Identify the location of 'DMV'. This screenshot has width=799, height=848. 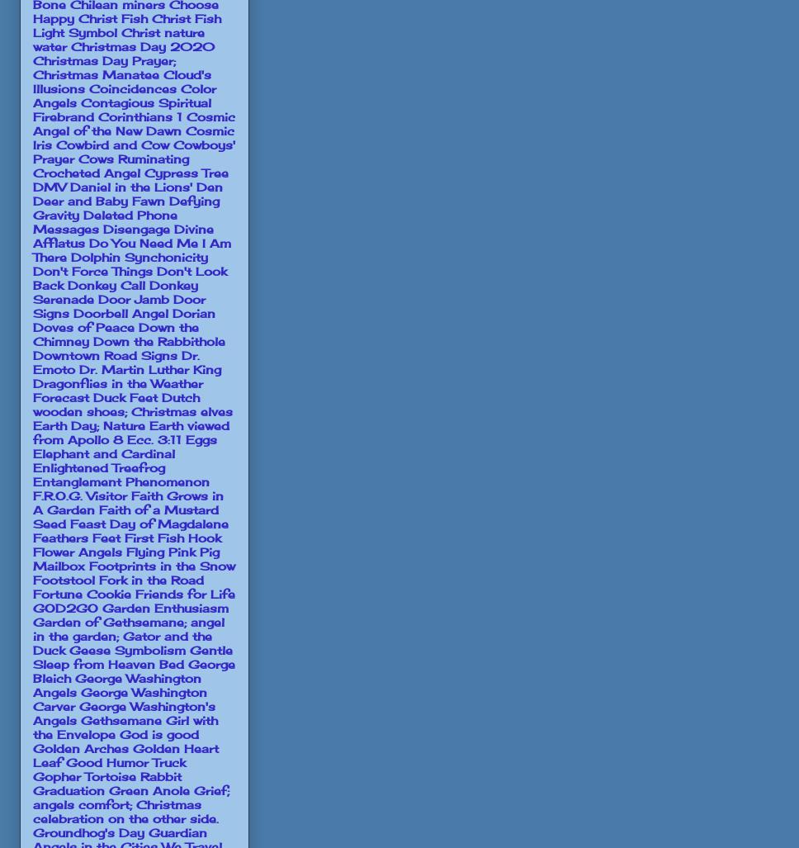
(49, 185).